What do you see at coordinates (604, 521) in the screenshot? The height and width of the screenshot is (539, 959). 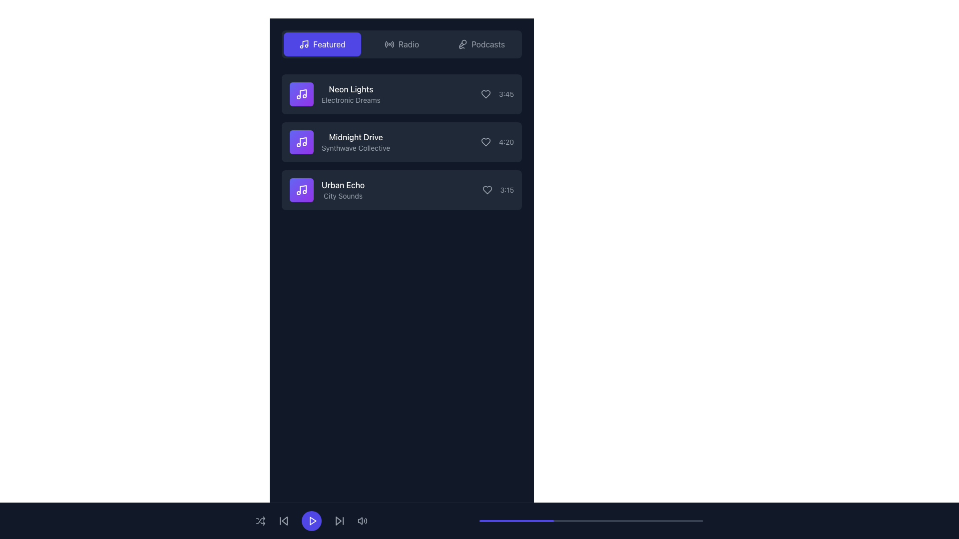 I see `progress` at bounding box center [604, 521].